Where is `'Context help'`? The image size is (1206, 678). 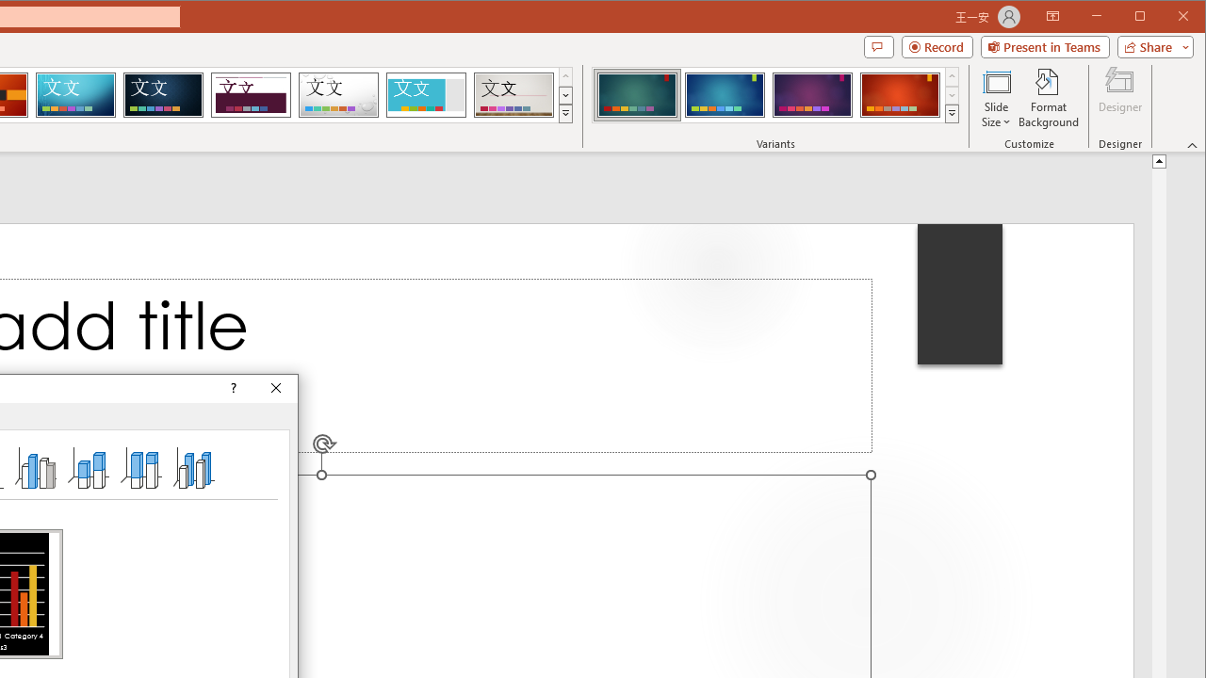
'Context help' is located at coordinates (231, 387).